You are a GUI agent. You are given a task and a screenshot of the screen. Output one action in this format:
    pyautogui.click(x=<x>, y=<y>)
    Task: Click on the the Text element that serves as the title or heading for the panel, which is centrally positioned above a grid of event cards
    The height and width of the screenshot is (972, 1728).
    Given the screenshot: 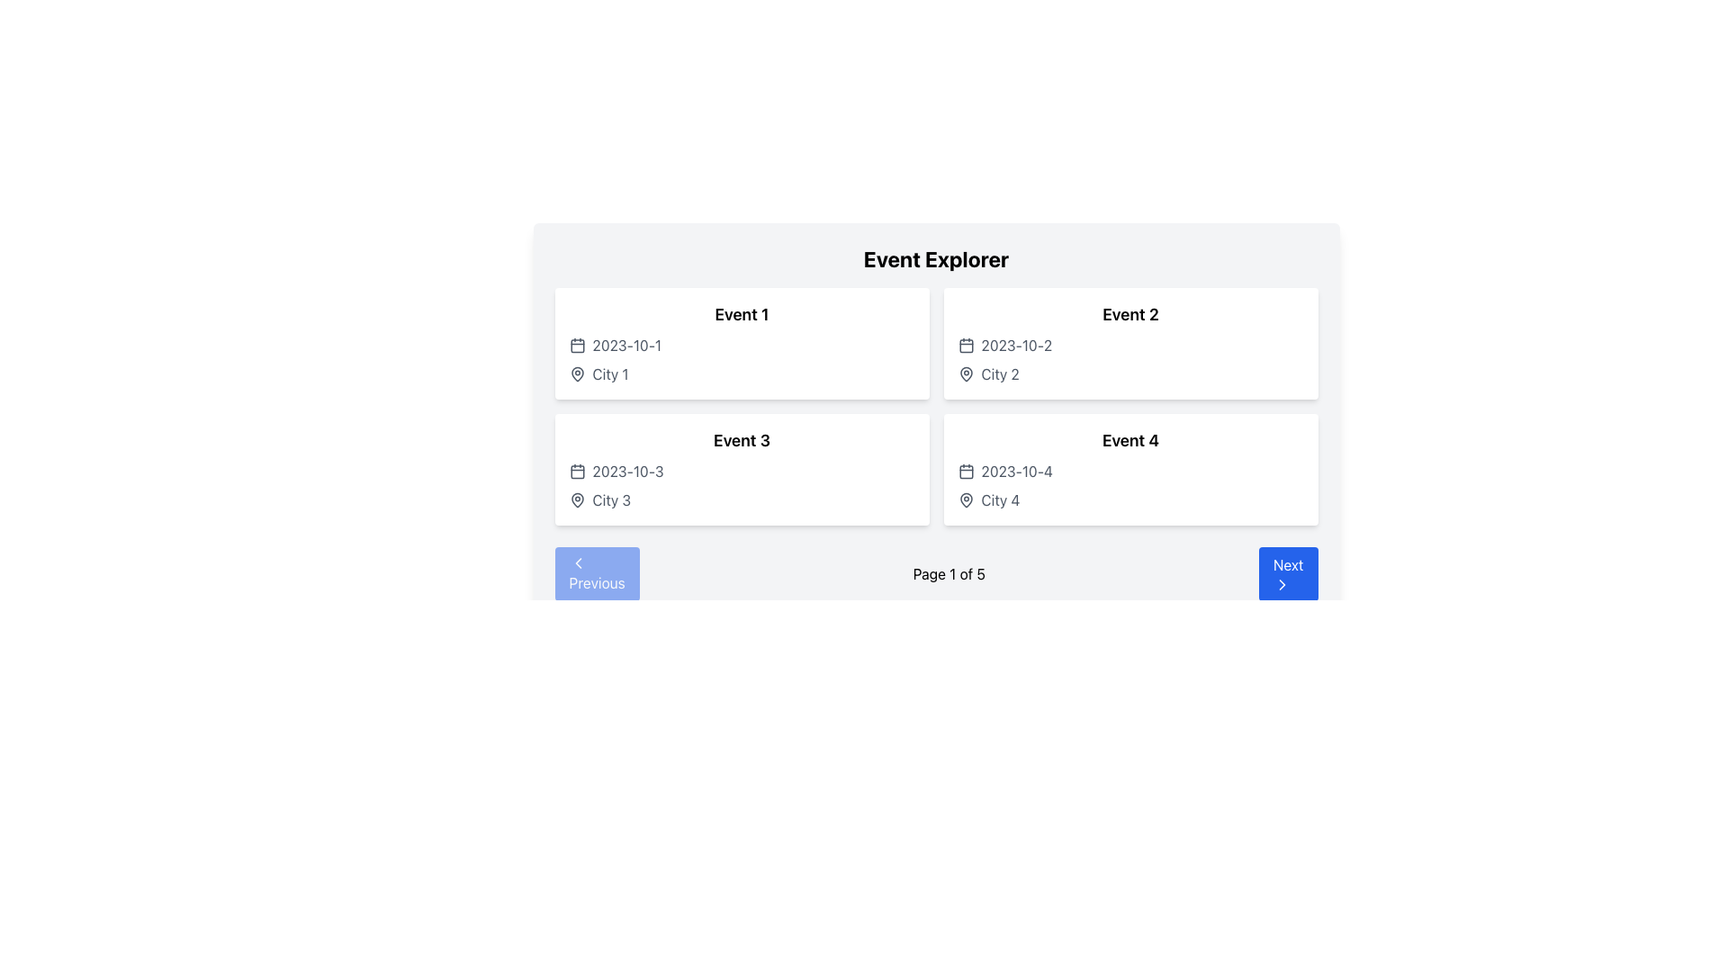 What is the action you would take?
    pyautogui.click(x=936, y=259)
    